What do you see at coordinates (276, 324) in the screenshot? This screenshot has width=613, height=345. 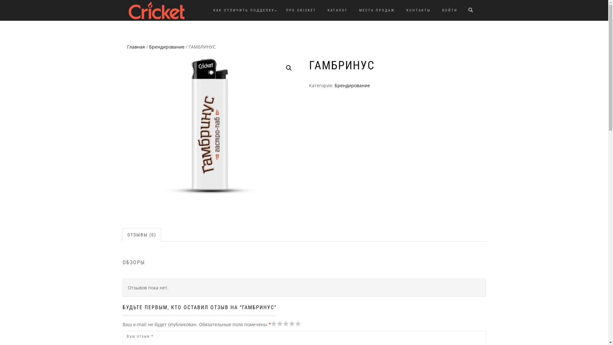 I see `'2'` at bounding box center [276, 324].